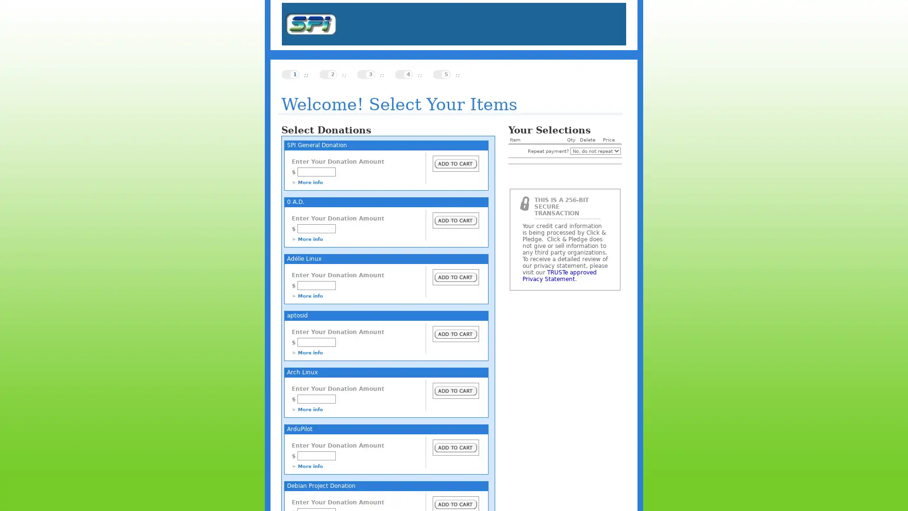  I want to click on Submit, so click(456, 163).